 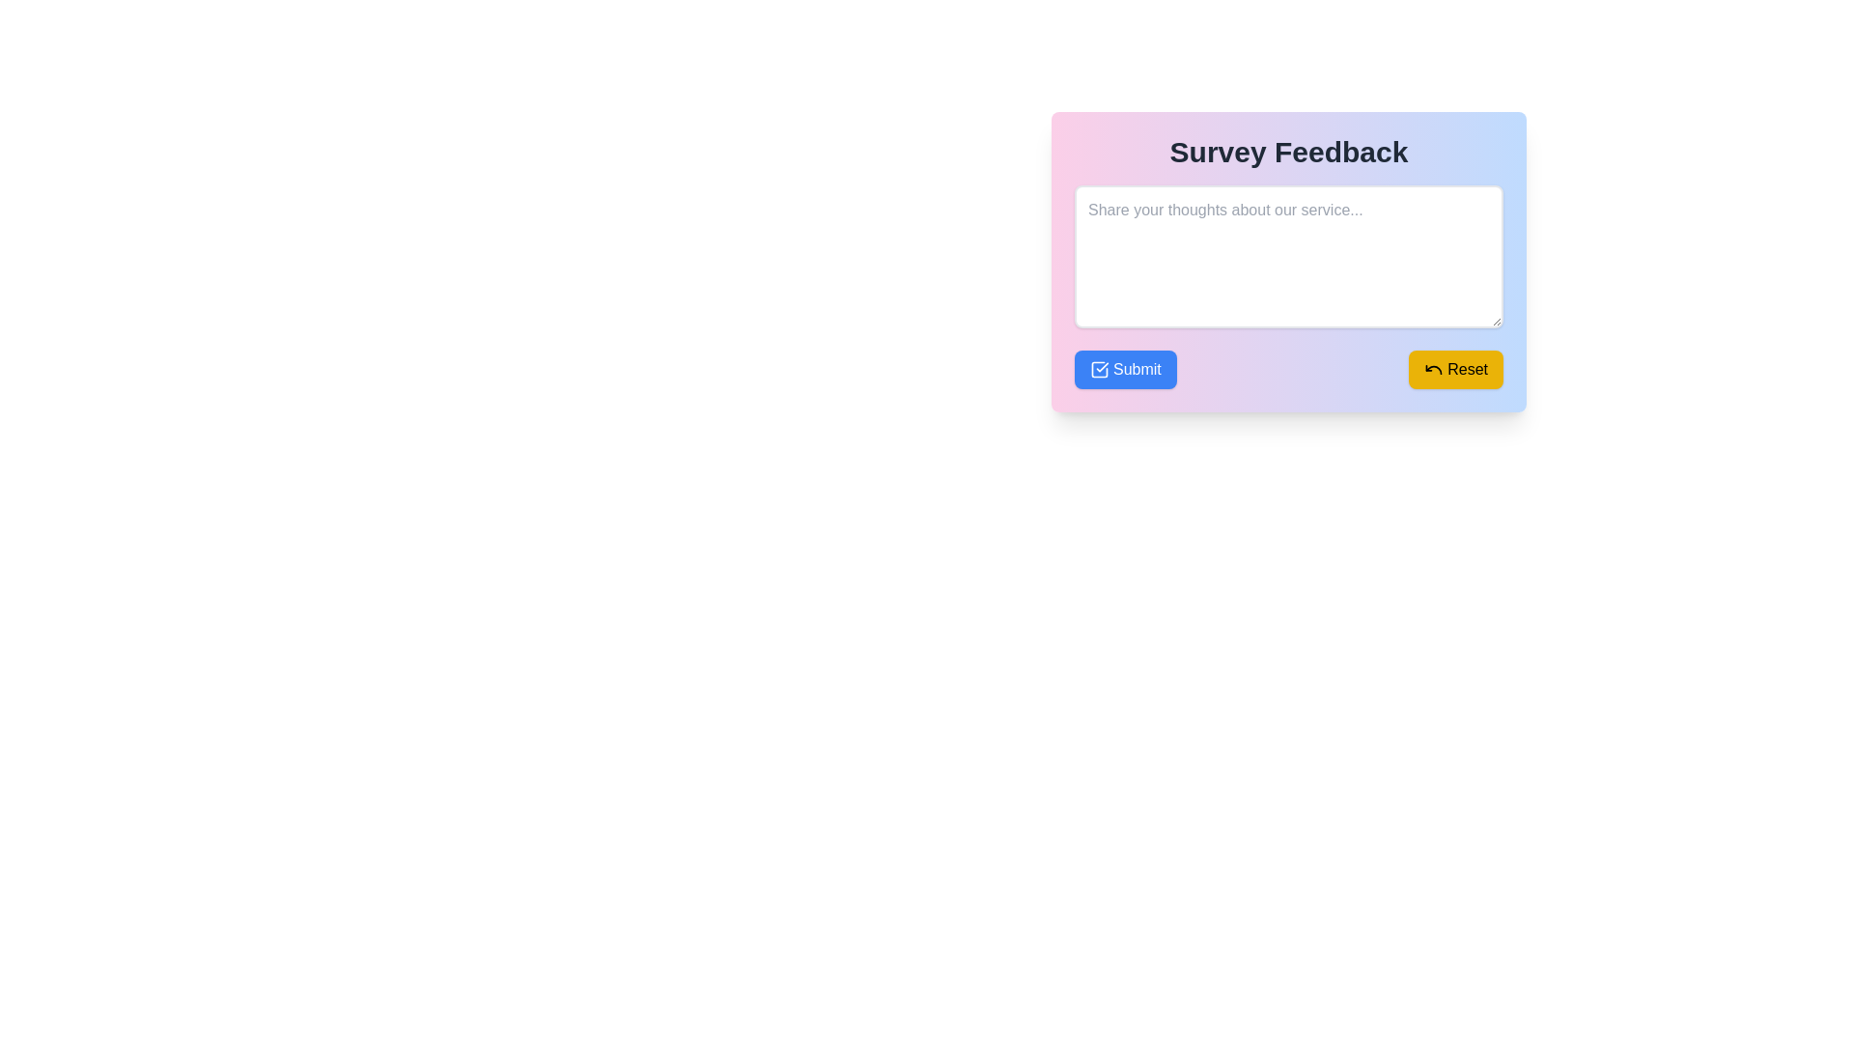 I want to click on to highlight text in the multiline text input area located within the 'Survey Feedback' card, below the heading 'Survey Feedback', so click(x=1288, y=256).